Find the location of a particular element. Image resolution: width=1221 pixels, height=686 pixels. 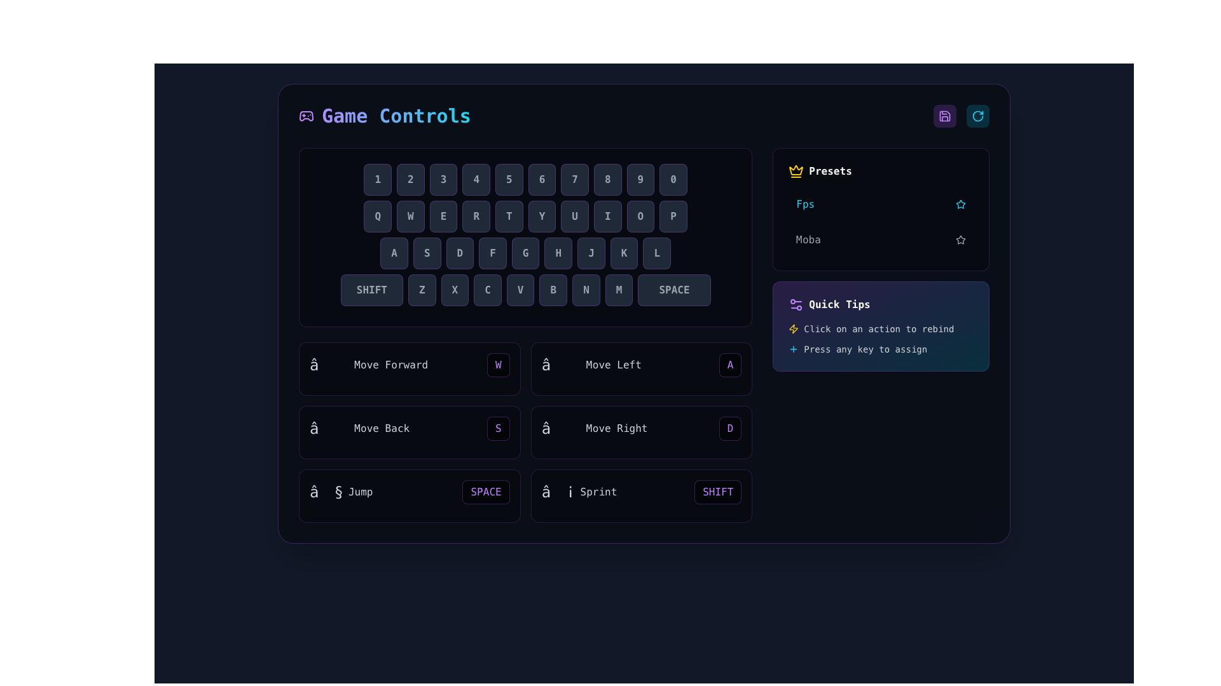

the control panel containing the save and reset buttons located in the top-right corner of the interface is located at coordinates (962, 116).